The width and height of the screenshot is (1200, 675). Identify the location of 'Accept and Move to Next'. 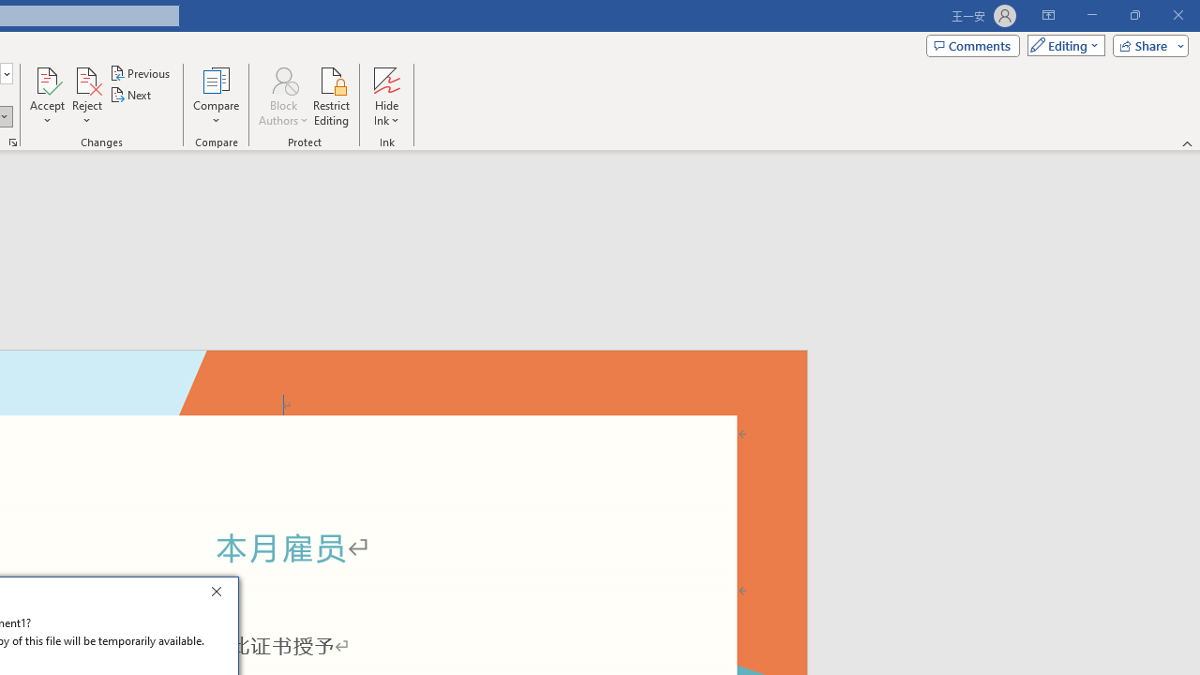
(47, 79).